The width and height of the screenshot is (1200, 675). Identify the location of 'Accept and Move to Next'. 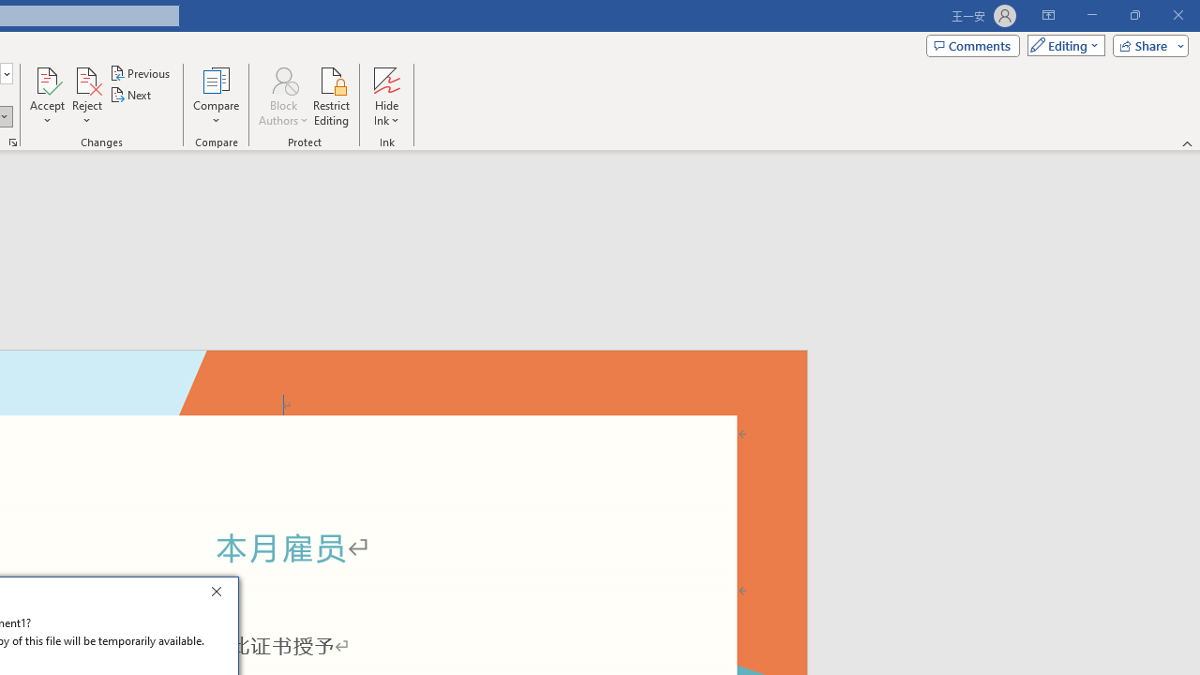
(47, 79).